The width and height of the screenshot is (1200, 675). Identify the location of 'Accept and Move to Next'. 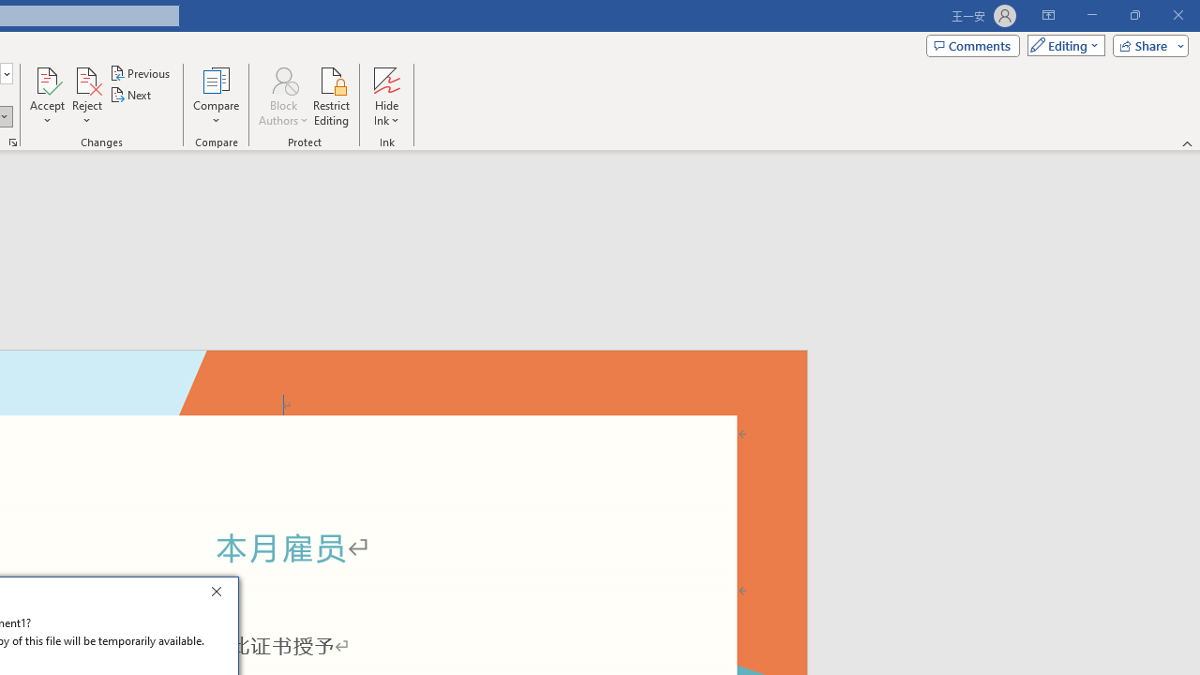
(47, 79).